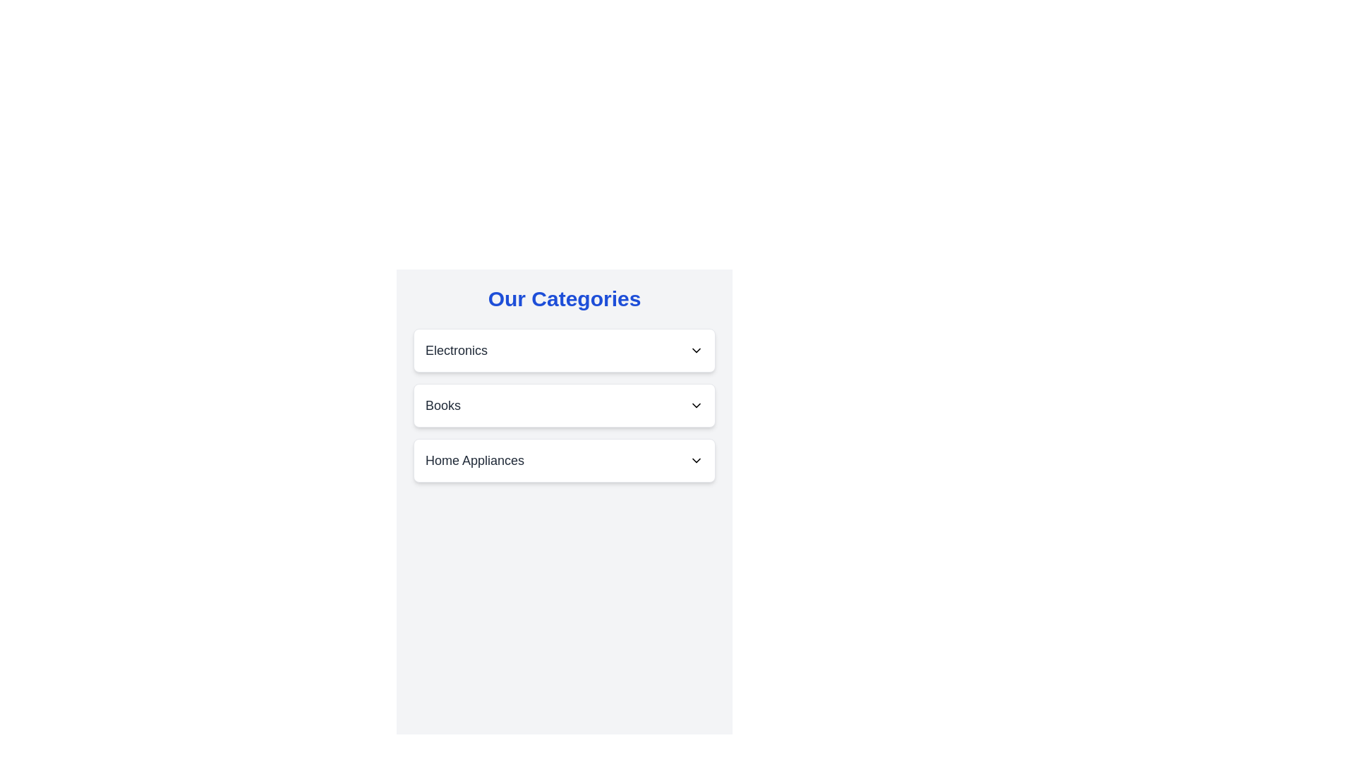 This screenshot has width=1355, height=762. Describe the element at coordinates (565, 405) in the screenshot. I see `the 'Books' category selection button, which is the second item in the list of categories under 'Our Categories'` at that location.